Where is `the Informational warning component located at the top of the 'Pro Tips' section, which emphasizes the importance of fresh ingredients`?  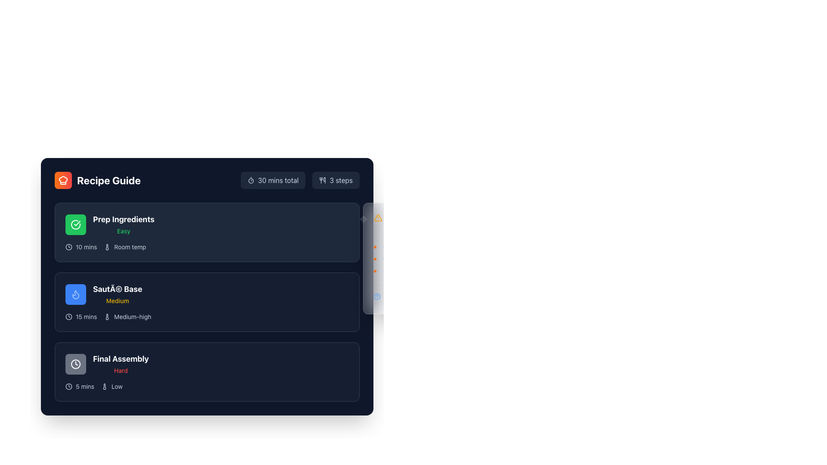 the Informational warning component located at the top of the 'Pro Tips' section, which emphasizes the importance of fresh ingredients is located at coordinates (446, 217).